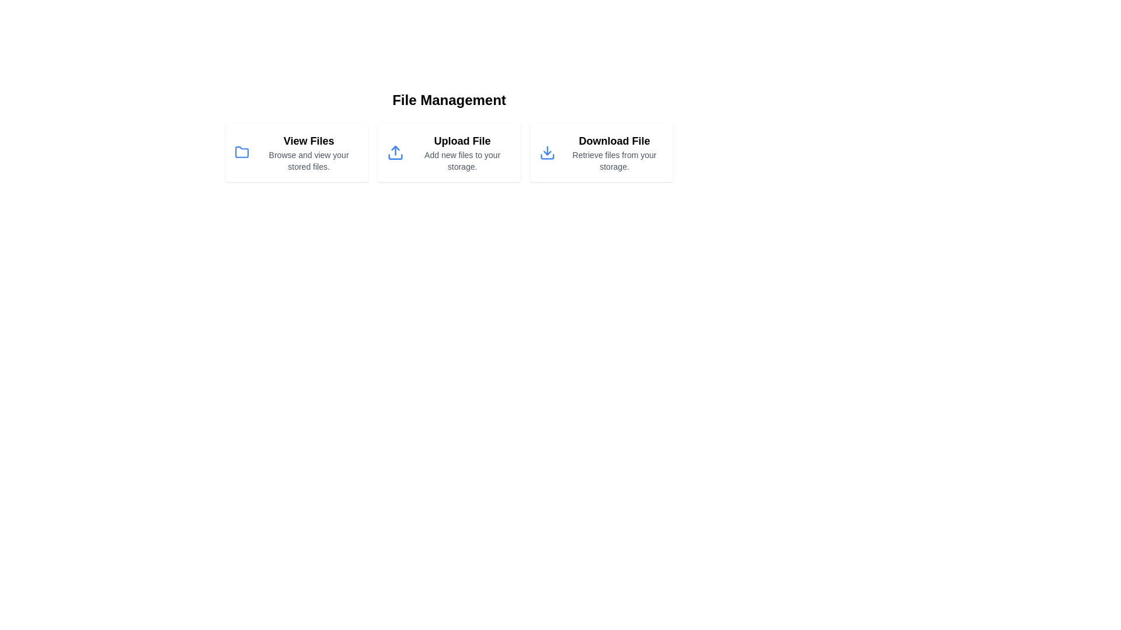  I want to click on the call-to-action button in the 'File Management' section to initiate the file download process, so click(601, 152).